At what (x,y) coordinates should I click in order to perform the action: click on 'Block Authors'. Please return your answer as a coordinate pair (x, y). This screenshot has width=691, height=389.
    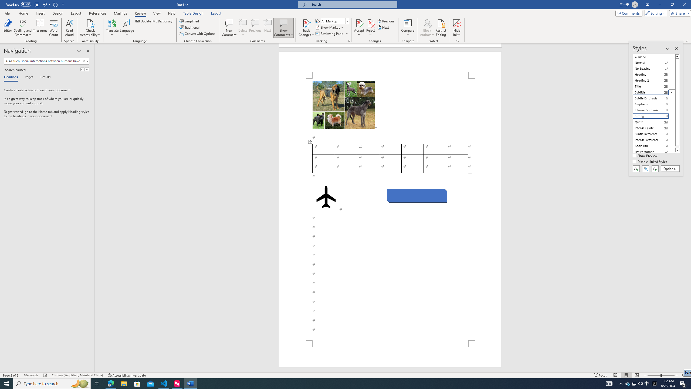
    Looking at the image, I should click on (427, 28).